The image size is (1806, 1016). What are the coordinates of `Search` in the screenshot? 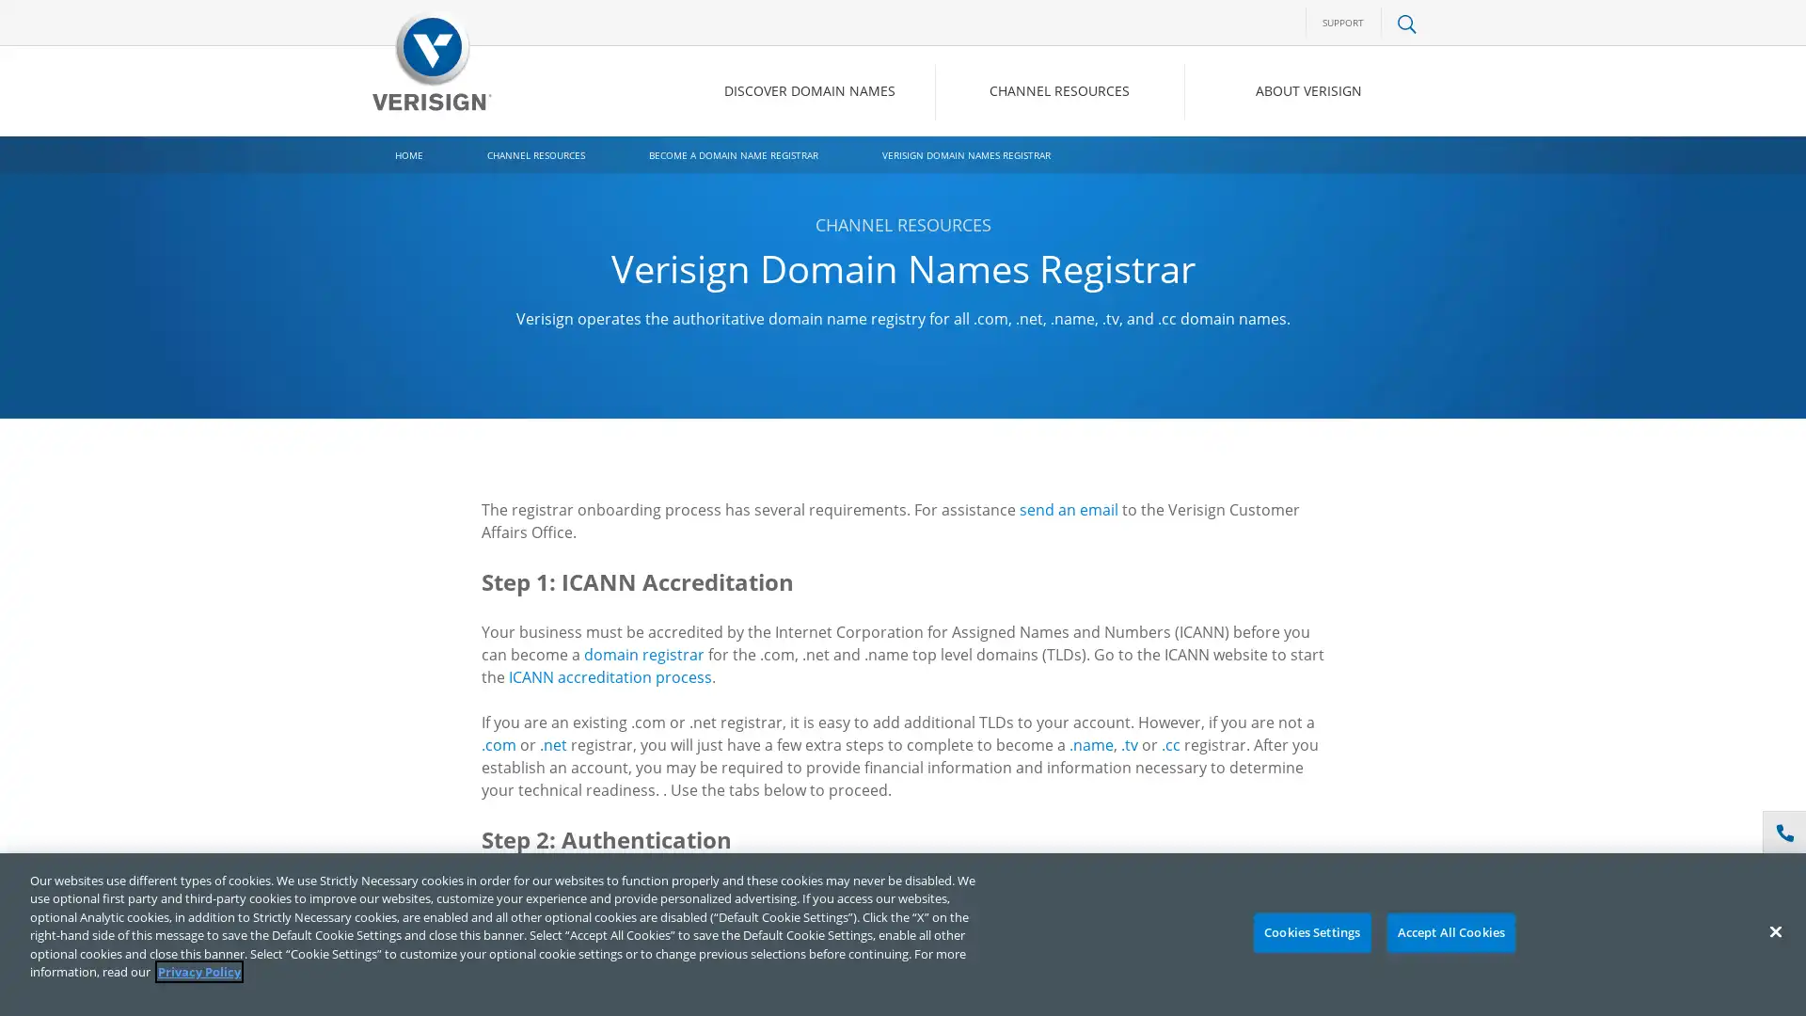 It's located at (1255, 170).